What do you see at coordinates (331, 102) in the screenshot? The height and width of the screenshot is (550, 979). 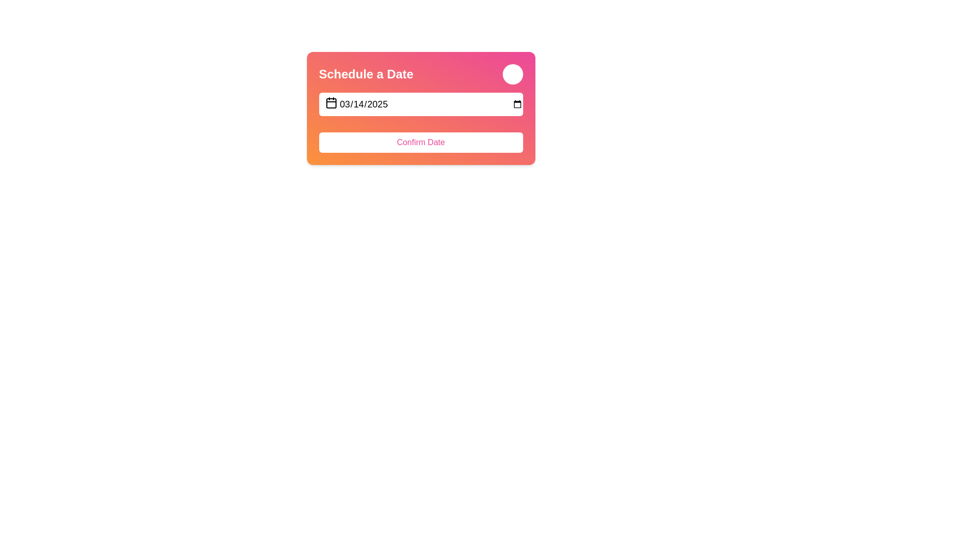 I see `the calendar icon that visually represents the date input functionality, located near the left side of the date input field` at bounding box center [331, 102].